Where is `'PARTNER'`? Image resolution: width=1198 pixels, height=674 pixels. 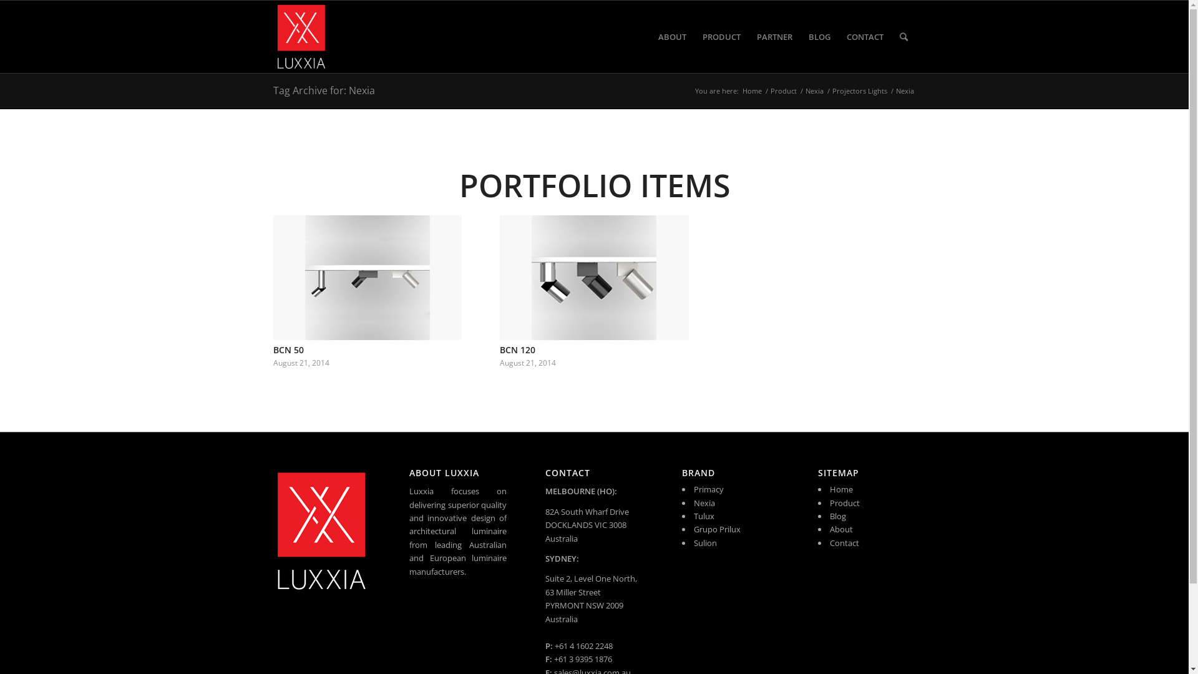
'PARTNER' is located at coordinates (749, 36).